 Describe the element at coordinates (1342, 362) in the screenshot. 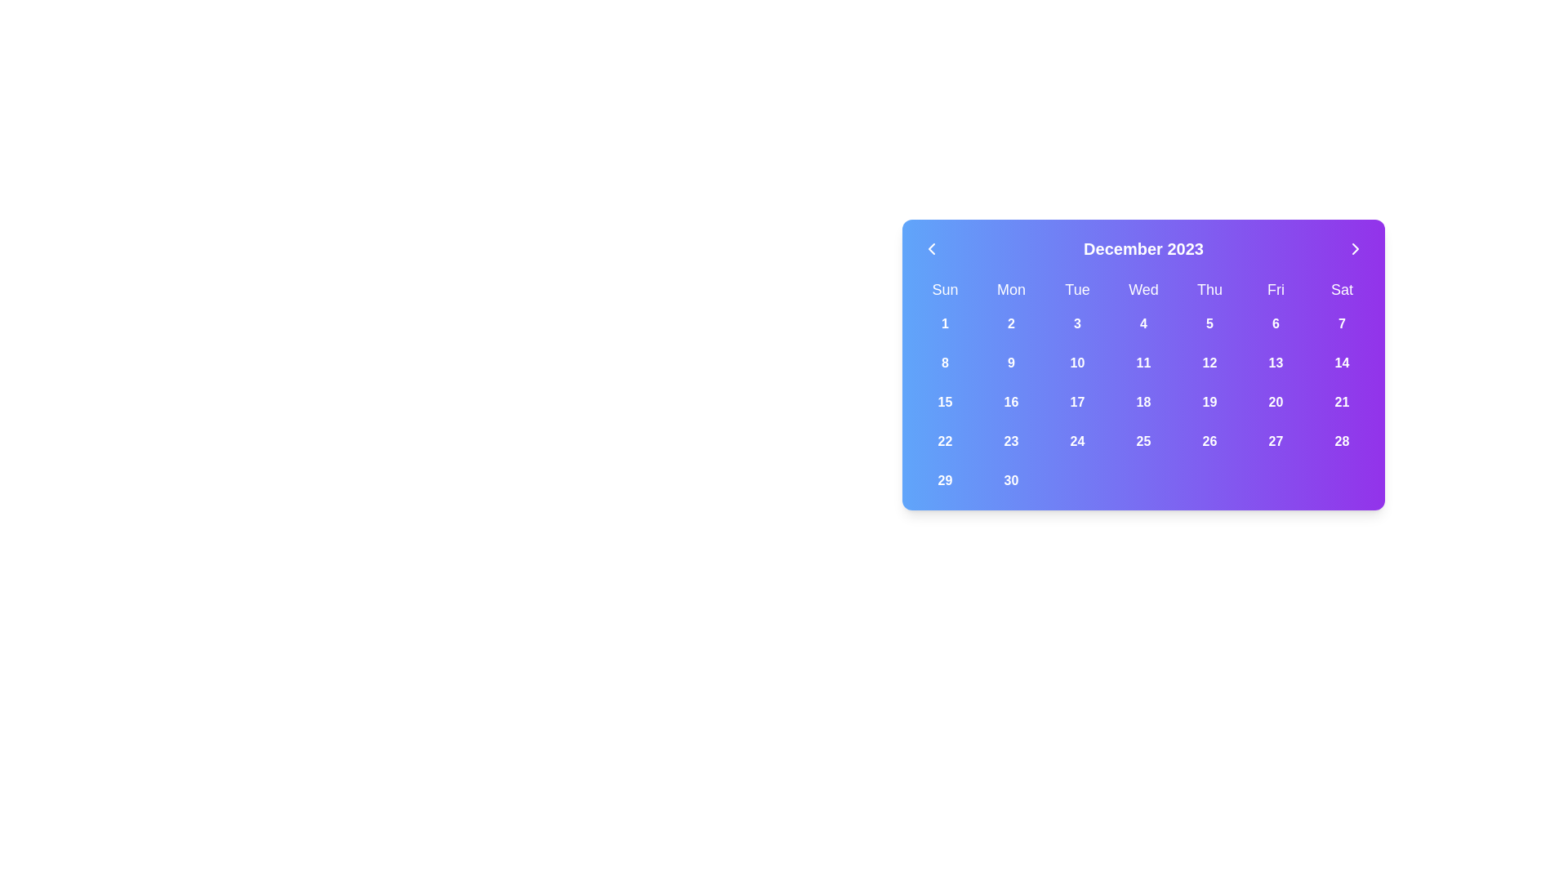

I see `the rectangular number button with a purple gradient background displaying the number '14'` at that location.